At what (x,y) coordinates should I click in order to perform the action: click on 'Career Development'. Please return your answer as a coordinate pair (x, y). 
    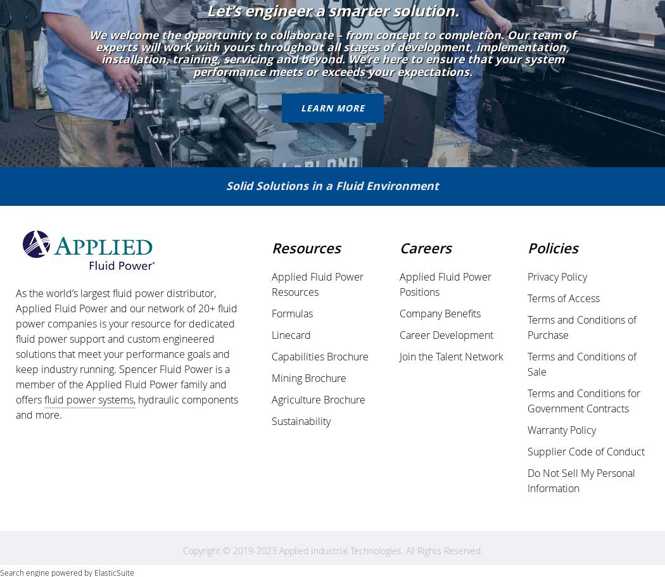
    Looking at the image, I should click on (446, 334).